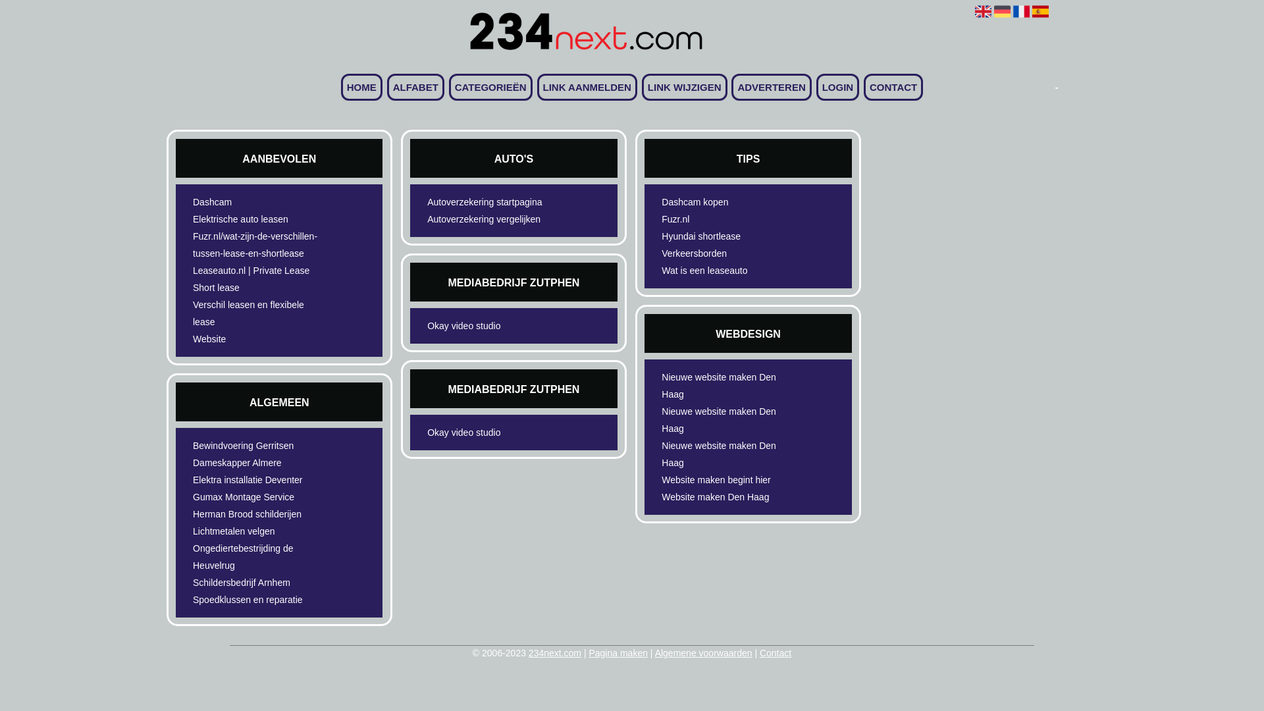 Image resolution: width=1264 pixels, height=711 pixels. What do you see at coordinates (188, 530) in the screenshot?
I see `'Lichtmetalen velgen'` at bounding box center [188, 530].